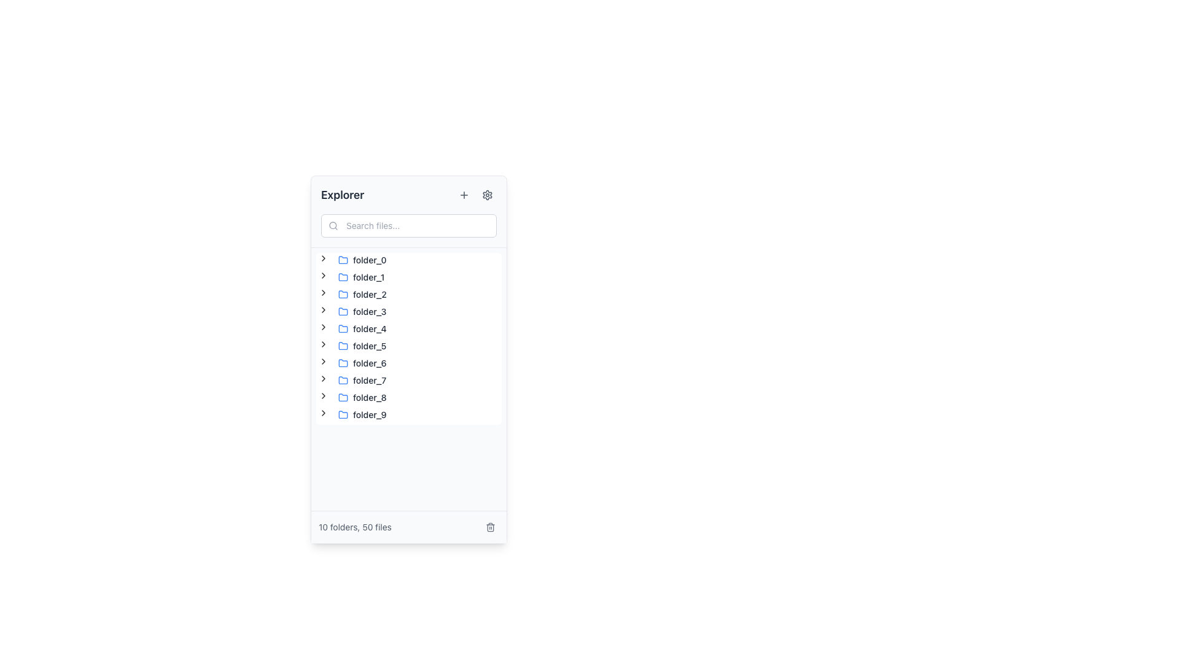 The height and width of the screenshot is (663, 1179). Describe the element at coordinates (368, 362) in the screenshot. I see `the label displaying 'folder_6' in dark gray font within the sidebar file list` at that location.